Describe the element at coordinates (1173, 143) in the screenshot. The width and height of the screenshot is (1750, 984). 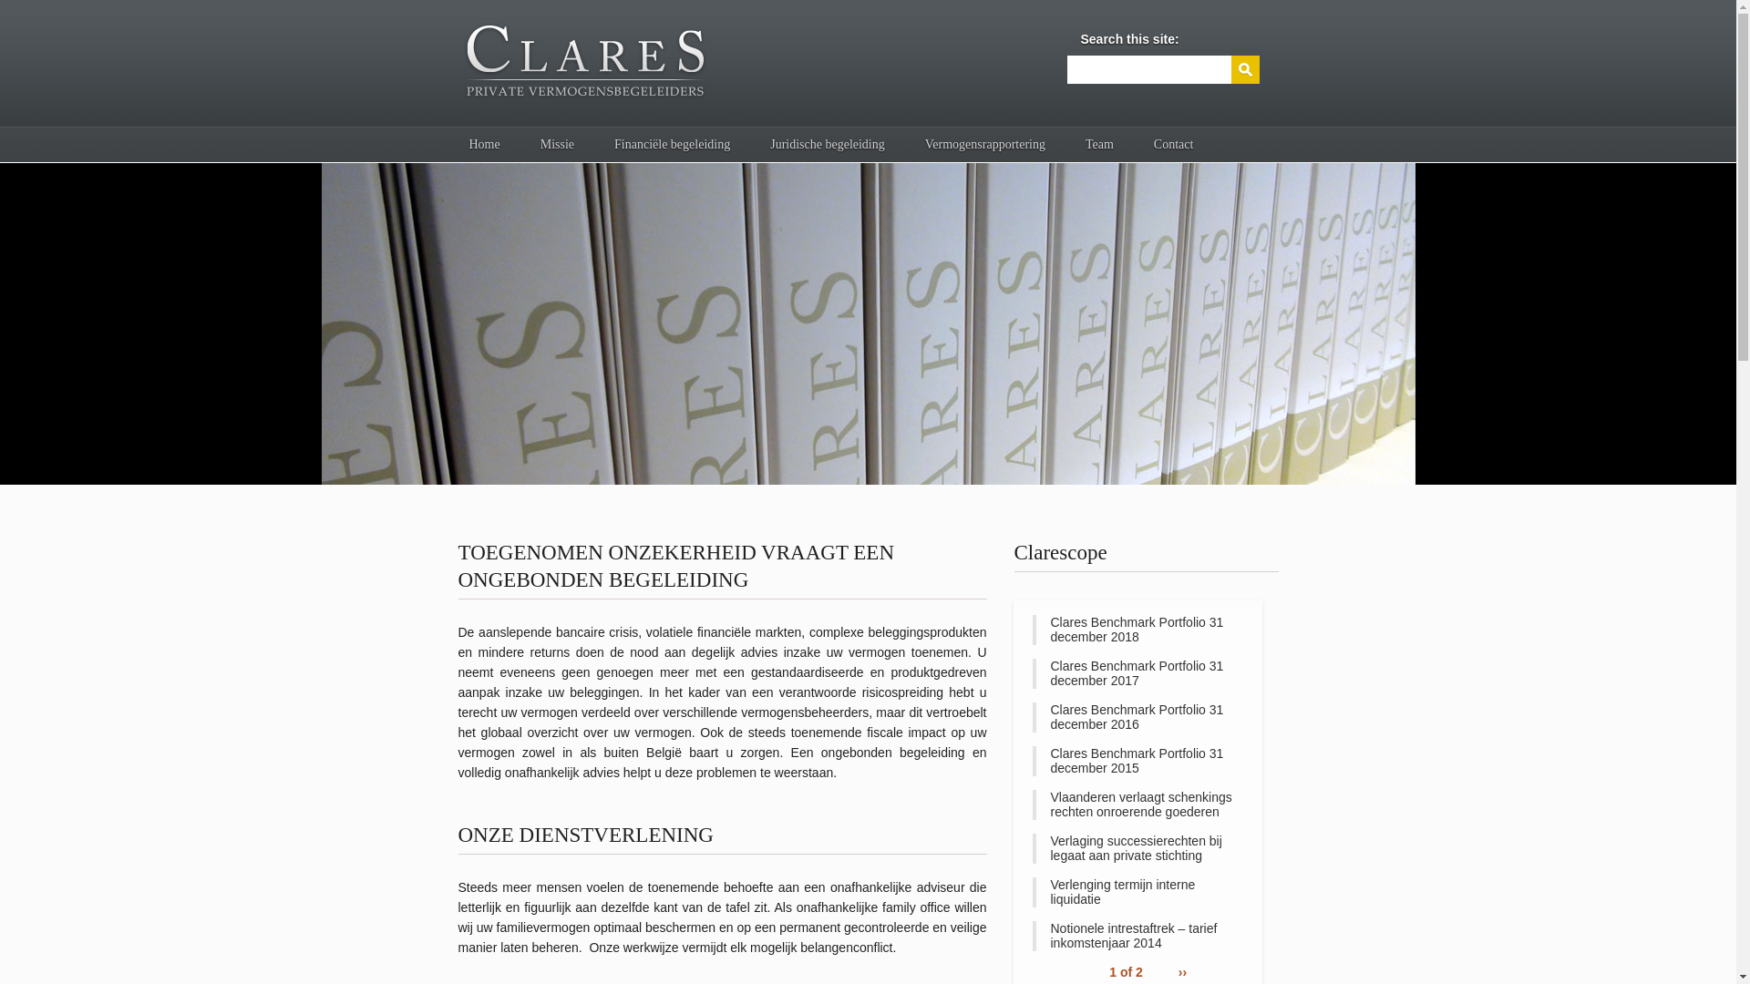
I see `'Contact'` at that location.